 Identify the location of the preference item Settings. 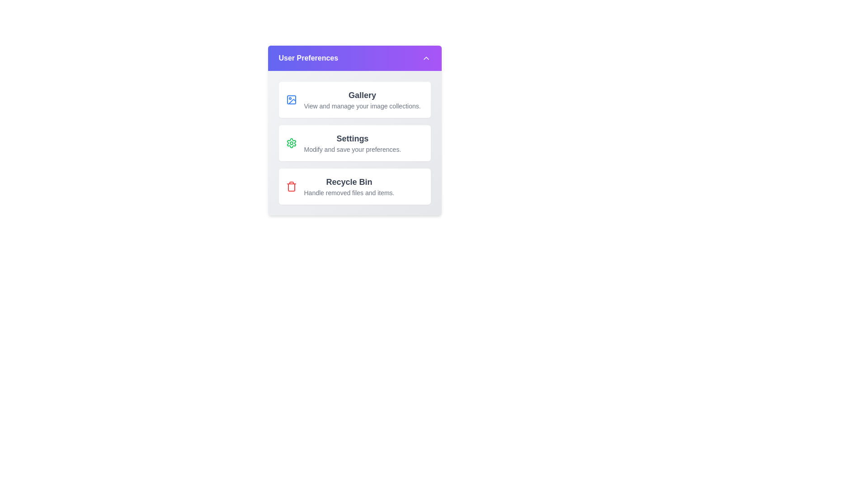
(354, 142).